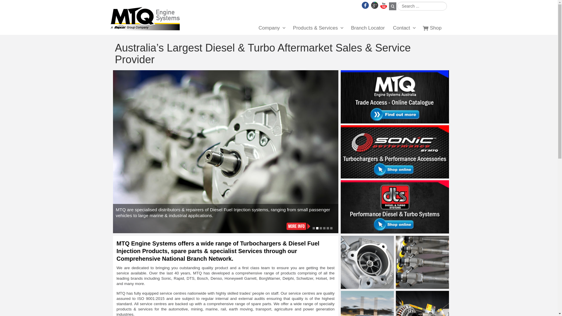 The height and width of the screenshot is (316, 562). What do you see at coordinates (367, 28) in the screenshot?
I see `'Branch Locator'` at bounding box center [367, 28].